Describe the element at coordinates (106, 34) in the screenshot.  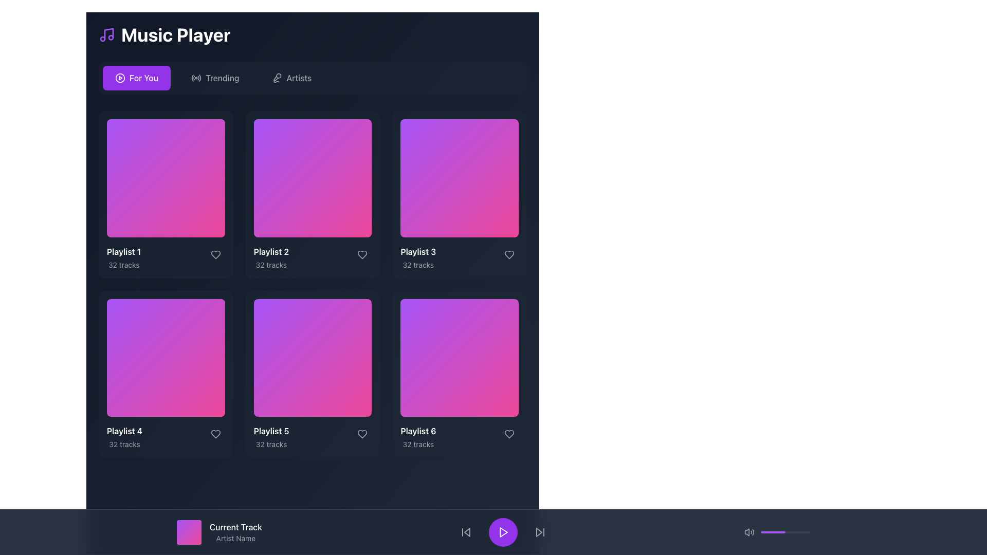
I see `the purple music note icon located at the top-left corner of the interface, adjacent to the 'Music Player' text` at that location.